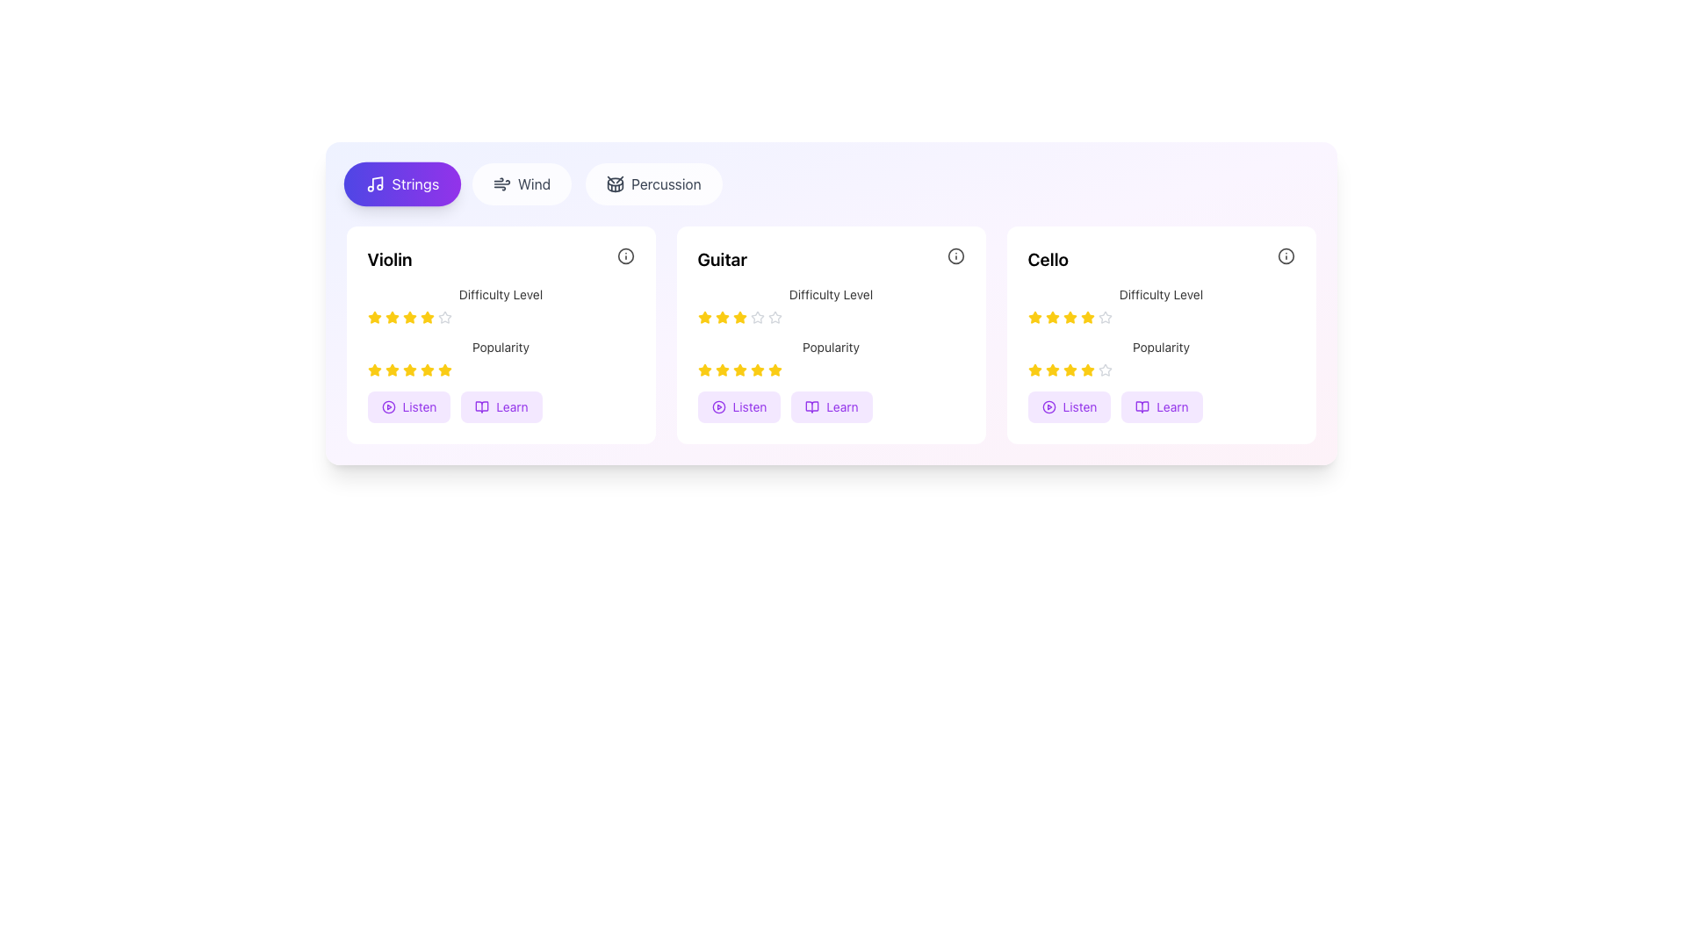  I want to click on the third yellow star icon in the 'Popularity' section of the 'Cello' card, which is filled and active, so click(1052, 369).